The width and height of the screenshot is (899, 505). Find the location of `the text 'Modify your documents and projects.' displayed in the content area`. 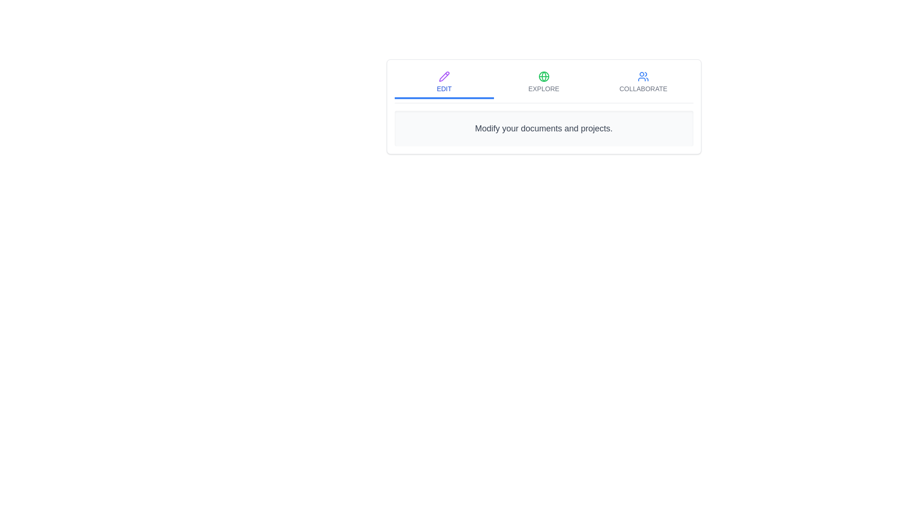

the text 'Modify your documents and projects.' displayed in the content area is located at coordinates (544, 128).